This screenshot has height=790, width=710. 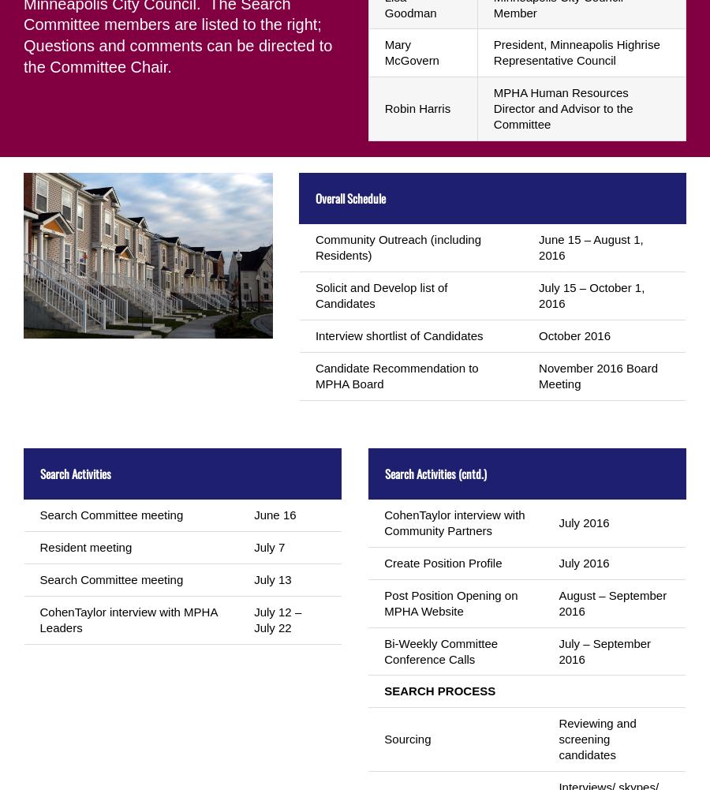 What do you see at coordinates (383, 521) in the screenshot?
I see `'CohenTaylor interview with Community Partners'` at bounding box center [383, 521].